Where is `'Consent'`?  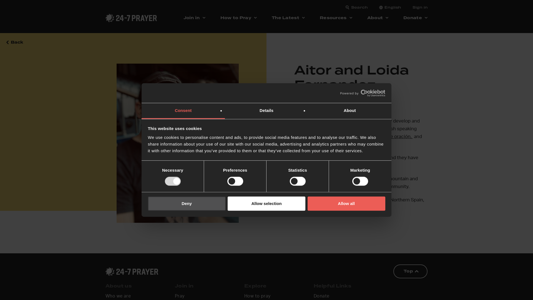 'Consent' is located at coordinates (183, 111).